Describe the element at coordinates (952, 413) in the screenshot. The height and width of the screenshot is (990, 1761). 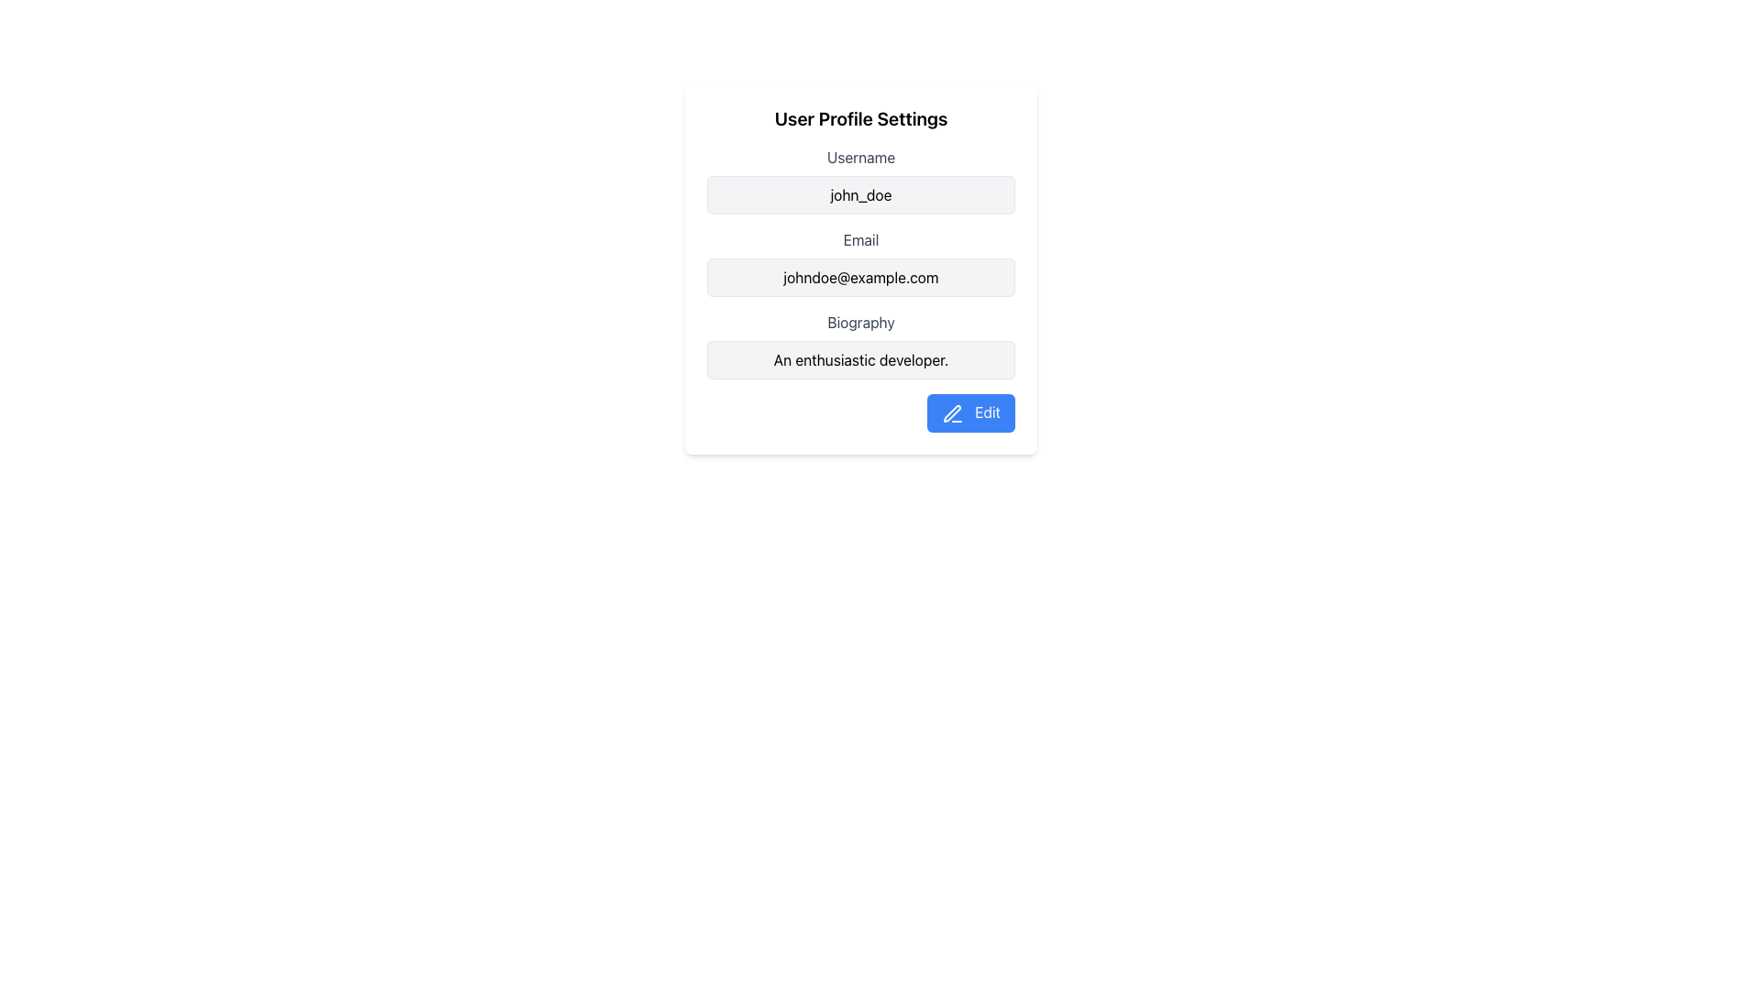
I see `the pen-shaped icon with a white outline located within the blue 'Edit' button at the lower-right corner of the profile card` at that location.